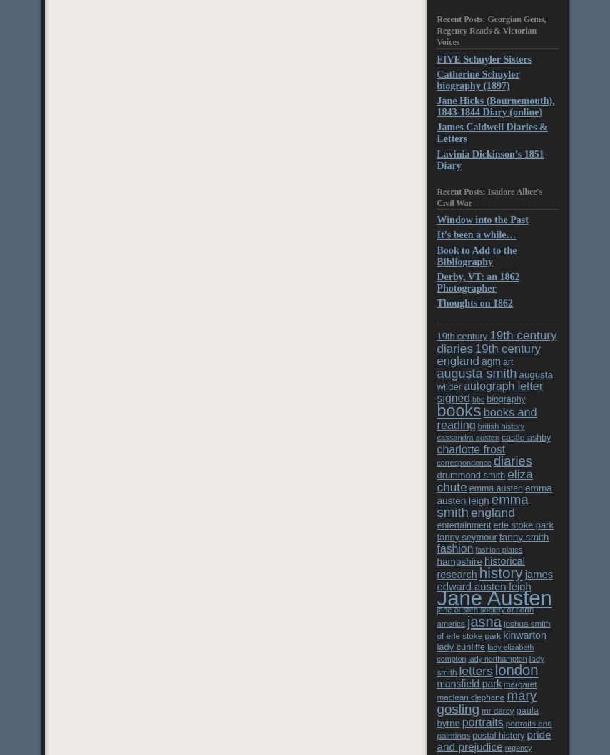 The image size is (610, 755). Describe the element at coordinates (487, 418) in the screenshot. I see `'books and reading'` at that location.